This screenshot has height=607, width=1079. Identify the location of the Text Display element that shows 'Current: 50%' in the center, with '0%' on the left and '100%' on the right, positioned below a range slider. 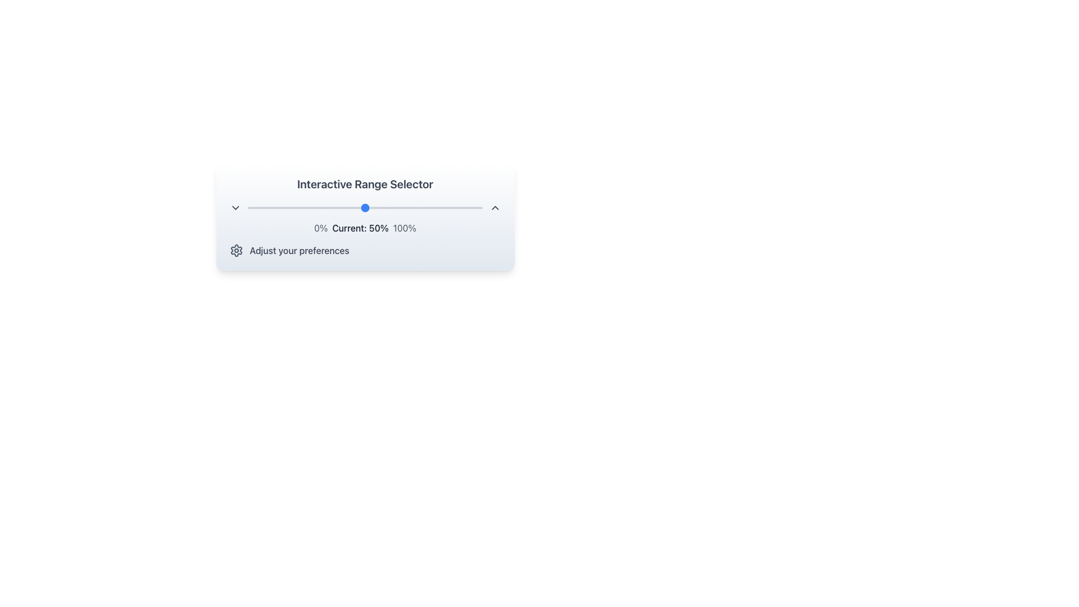
(365, 228).